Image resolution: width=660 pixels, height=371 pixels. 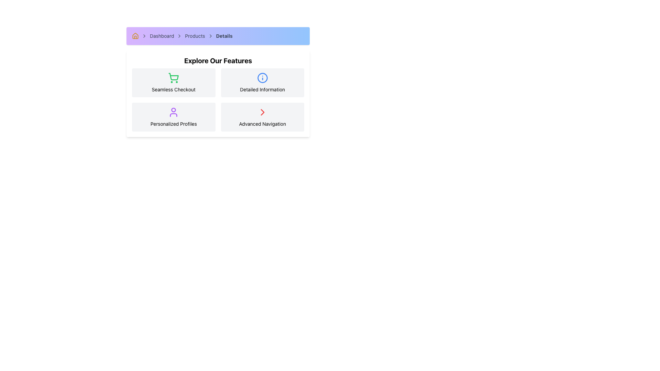 What do you see at coordinates (262, 82) in the screenshot?
I see `the 'Detailed Information' informational card located in the second position of the top row in the 2x2 grid layout` at bounding box center [262, 82].